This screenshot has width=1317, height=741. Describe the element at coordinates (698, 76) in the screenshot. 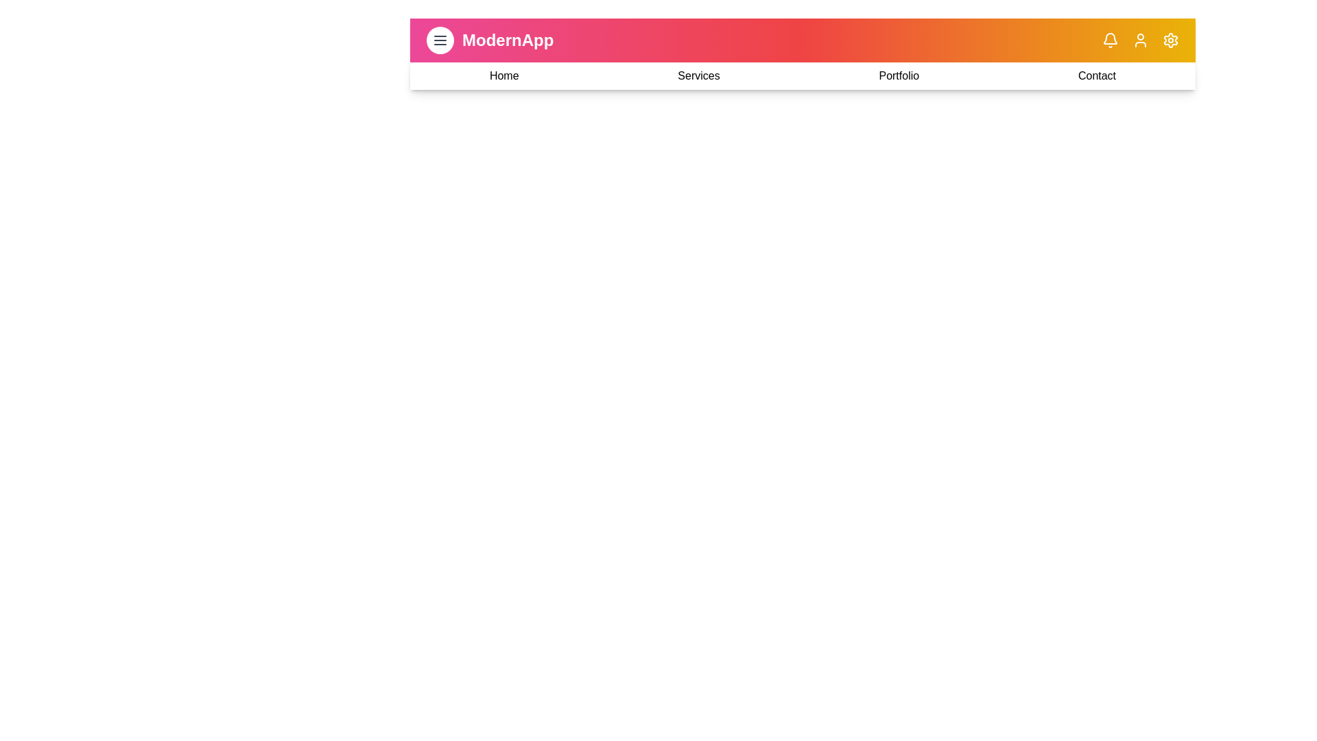

I see `the navigation link to navigate to the Services section` at that location.